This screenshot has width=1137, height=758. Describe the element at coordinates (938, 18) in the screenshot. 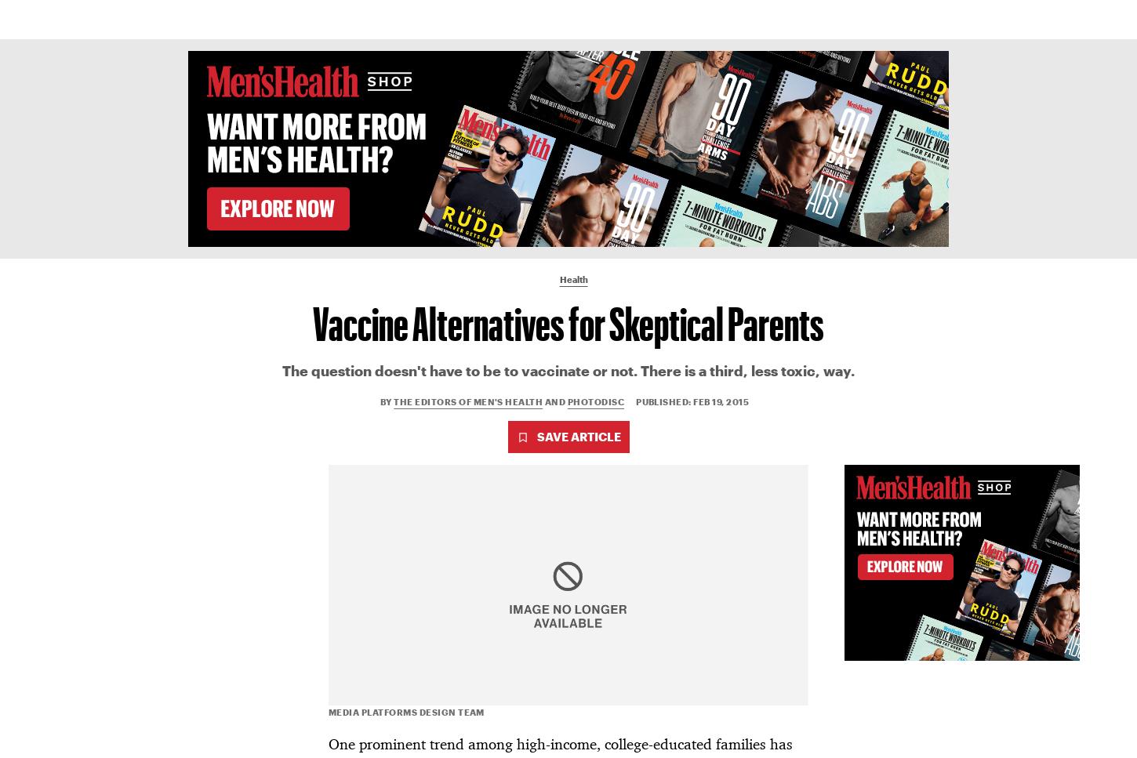

I see `'Subscribe'` at that location.